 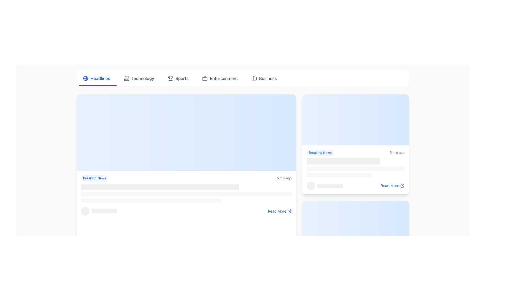 I want to click on the graphical placeholder located below the 'Breaking News' area, which indicates loading or reserves space for future content, so click(x=186, y=197).